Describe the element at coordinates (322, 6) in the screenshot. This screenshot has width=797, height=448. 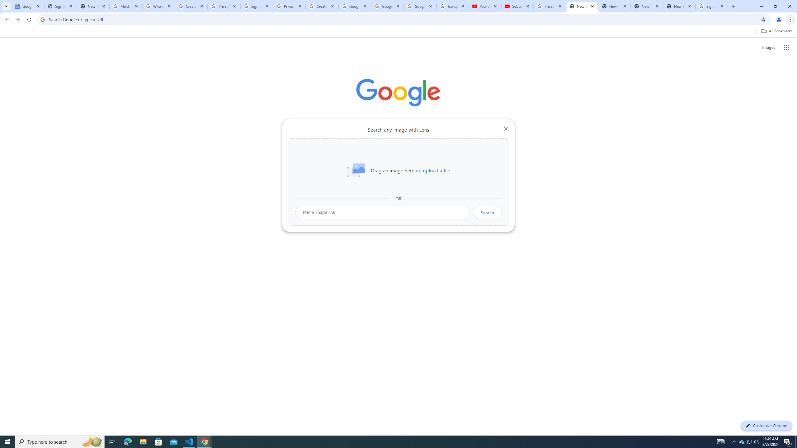
I see `'Create your Google Account'` at that location.